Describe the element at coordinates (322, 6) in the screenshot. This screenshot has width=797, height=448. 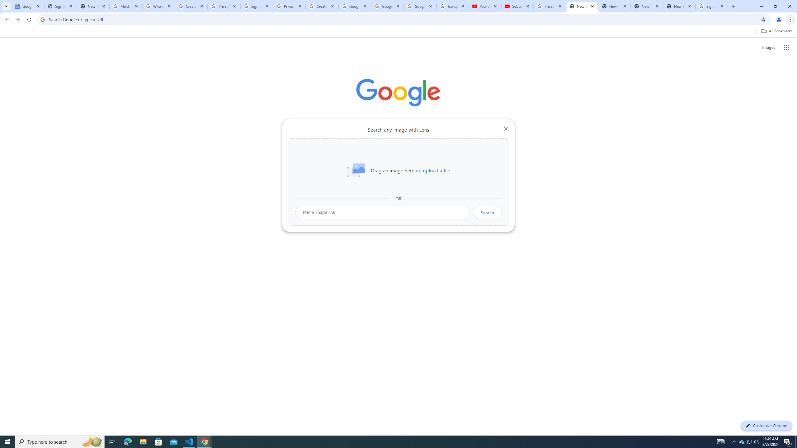
I see `'Create your Google Account'` at that location.